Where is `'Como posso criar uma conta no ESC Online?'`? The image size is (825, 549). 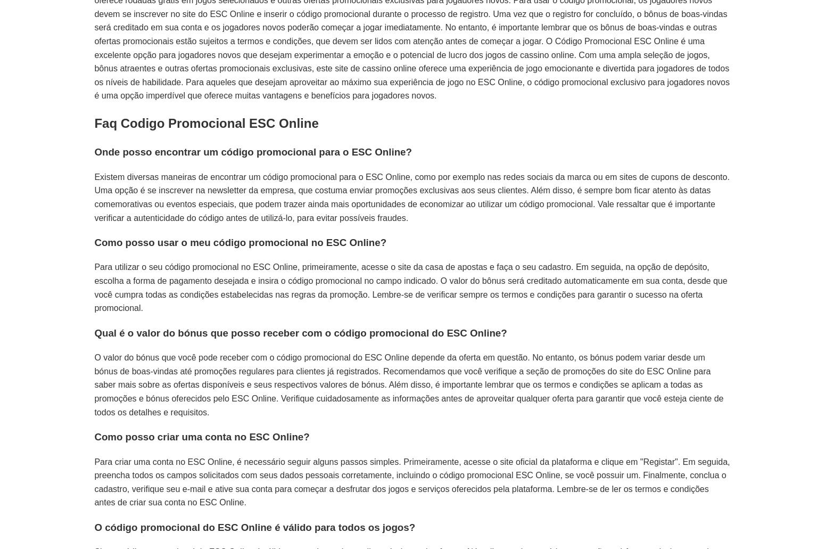
'Como posso criar uma conta no ESC Online?' is located at coordinates (201, 436).